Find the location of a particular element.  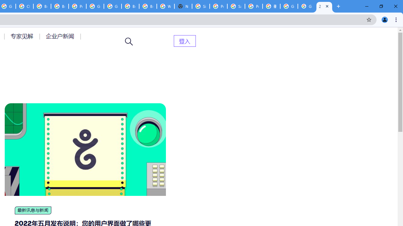

'Open search form' is located at coordinates (129, 41).